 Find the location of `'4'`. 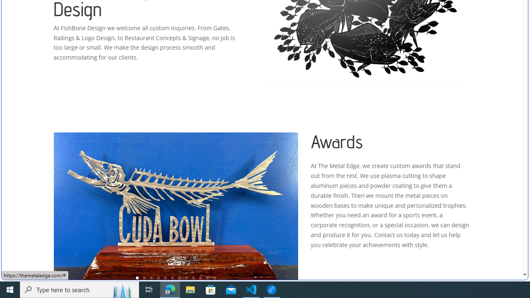

'4' is located at coordinates (158, 278).